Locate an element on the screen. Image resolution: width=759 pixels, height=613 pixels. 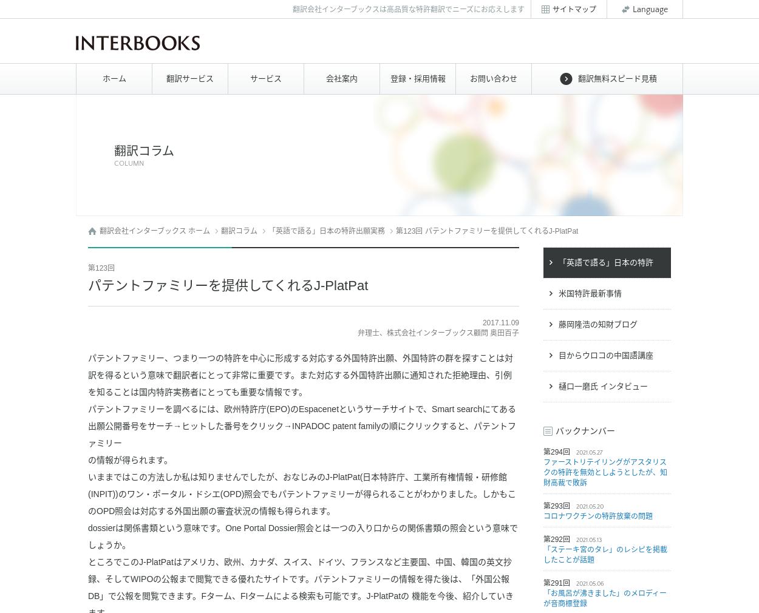
'COLUMN' is located at coordinates (128, 163).